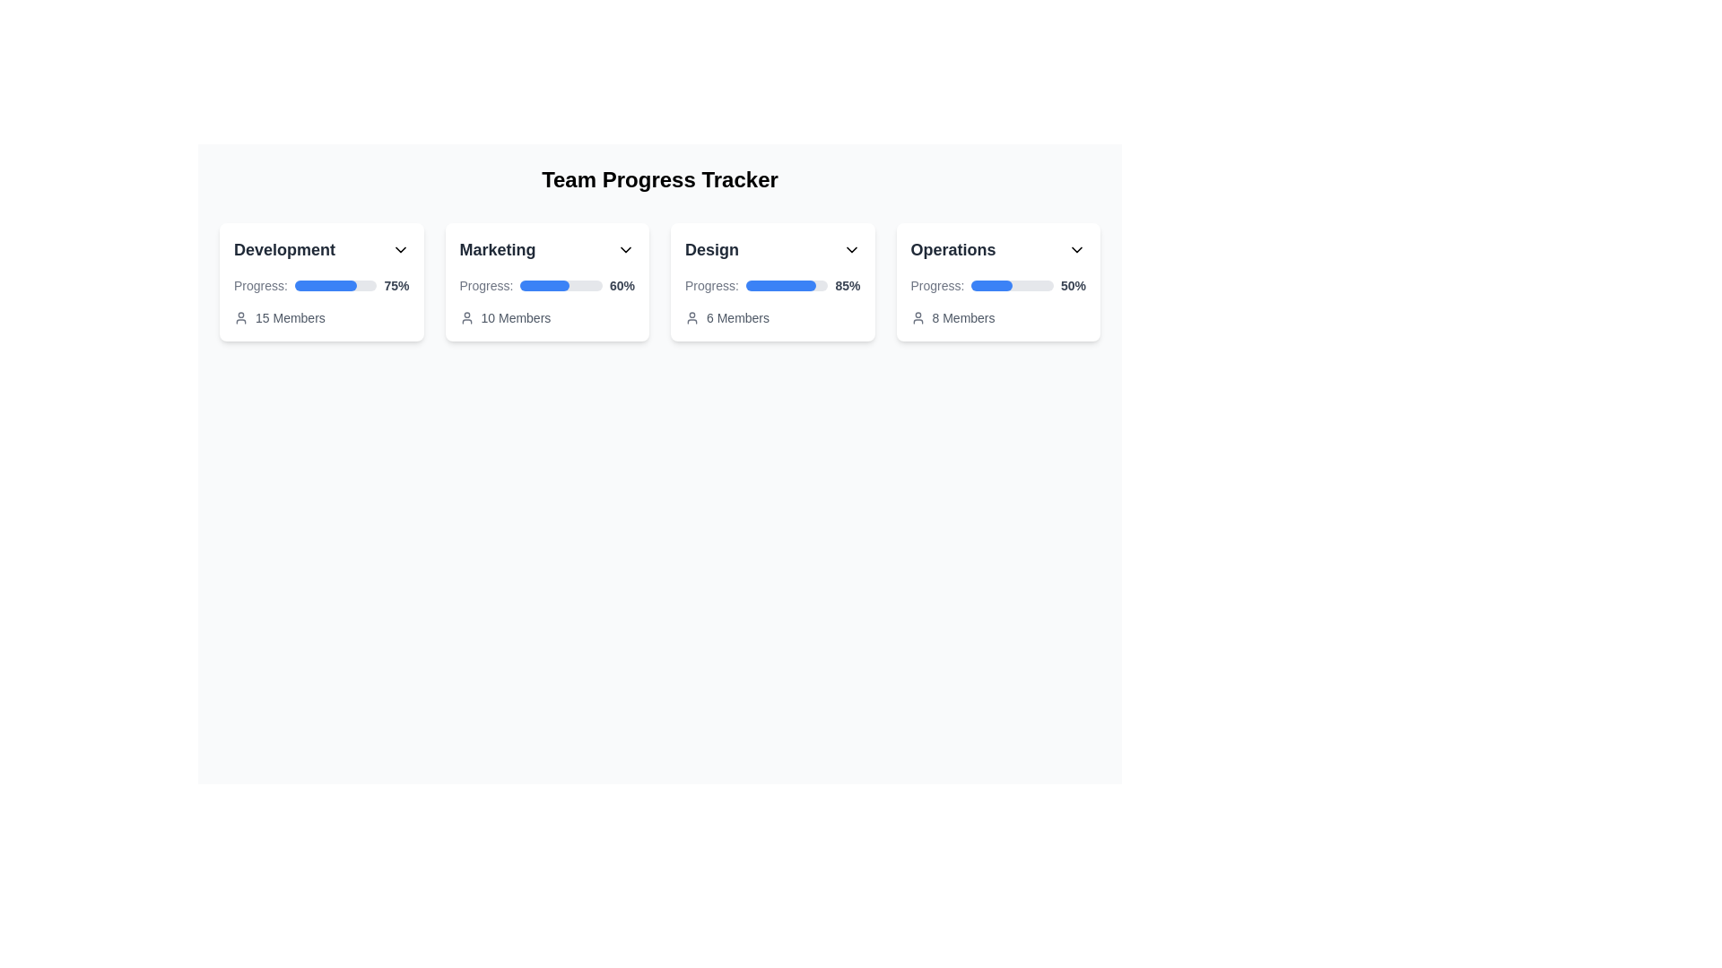 The width and height of the screenshot is (1722, 968). Describe the element at coordinates (466, 316) in the screenshot. I see `the small gray user icon with rounded edges located to the left of the '10 Members' text in the Marketing card` at that location.